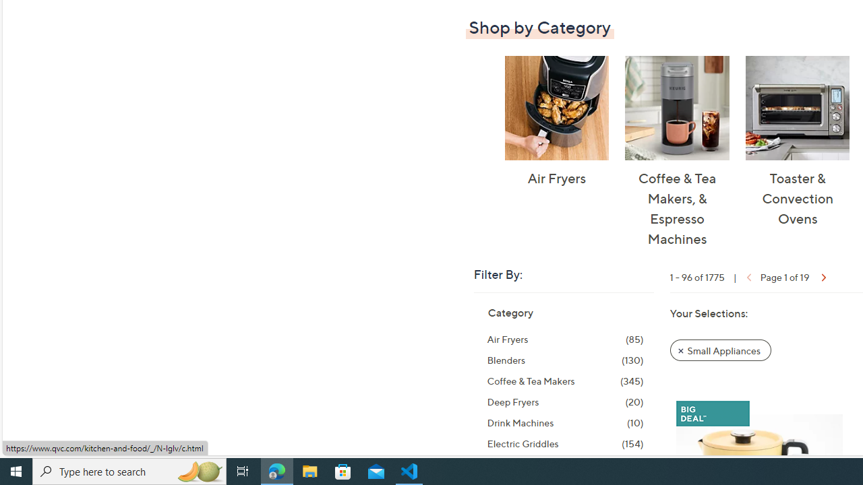  Describe the element at coordinates (556, 122) in the screenshot. I see `'Air Fryers Air Fryers'` at that location.